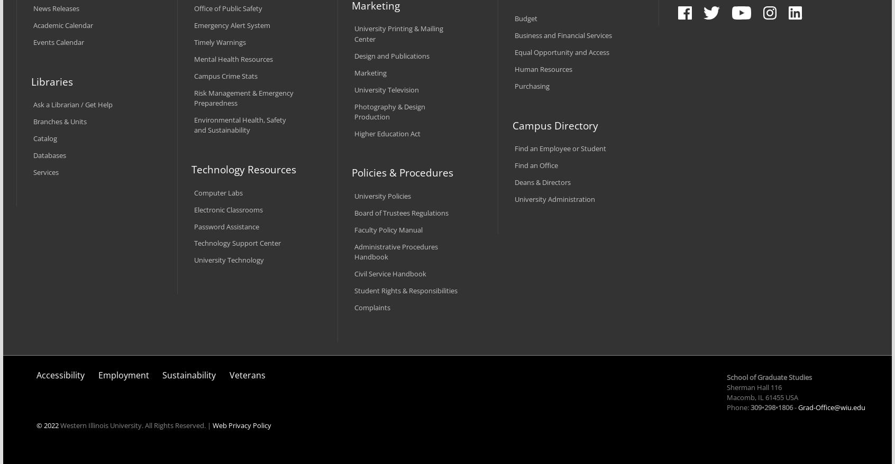  What do you see at coordinates (391, 55) in the screenshot?
I see `'Design and Publications'` at bounding box center [391, 55].